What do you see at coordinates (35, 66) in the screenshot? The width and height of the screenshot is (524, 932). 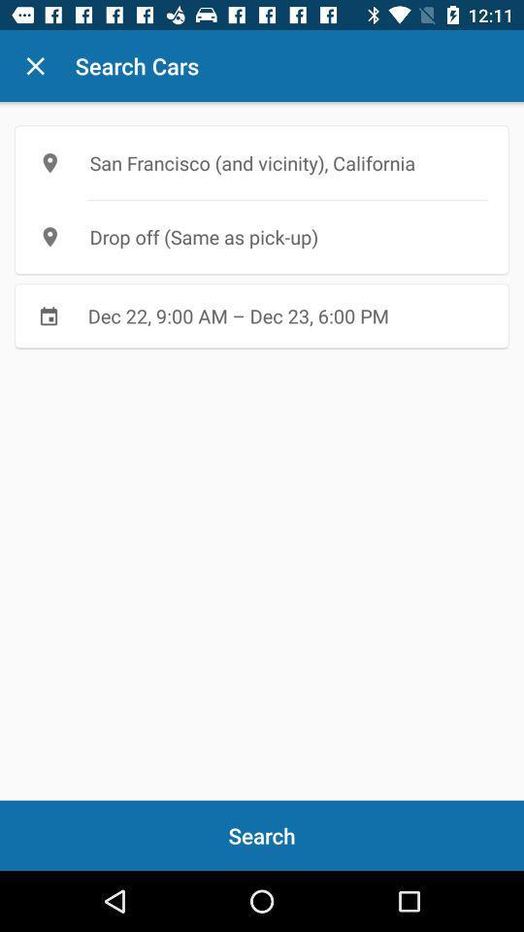 I see `icon to the left of search cars item` at bounding box center [35, 66].